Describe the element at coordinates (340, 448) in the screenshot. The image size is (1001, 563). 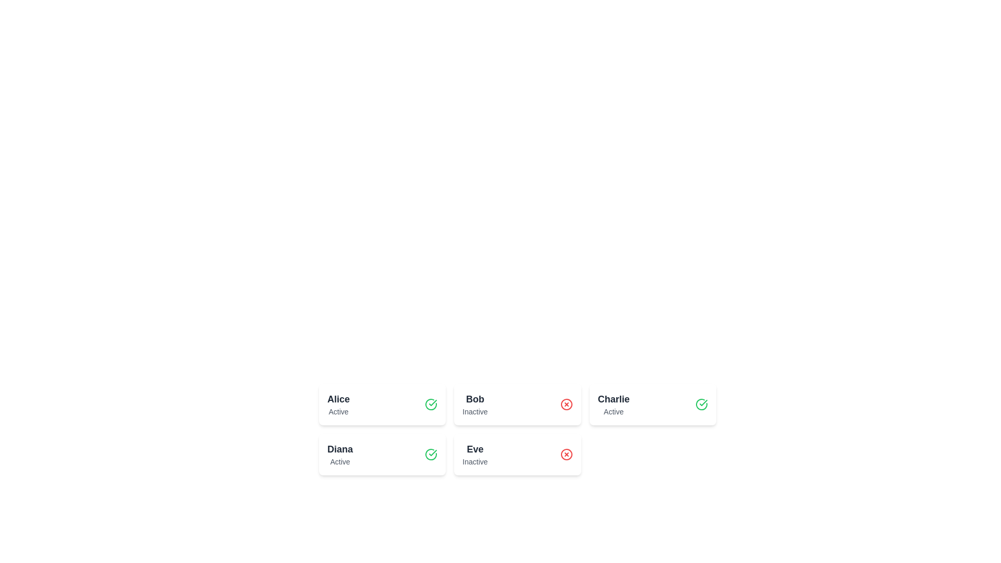
I see `the Text Label displaying 'Diana' in bold, large dark gray font, which is the first text element in the second box of a grid of user cards` at that location.